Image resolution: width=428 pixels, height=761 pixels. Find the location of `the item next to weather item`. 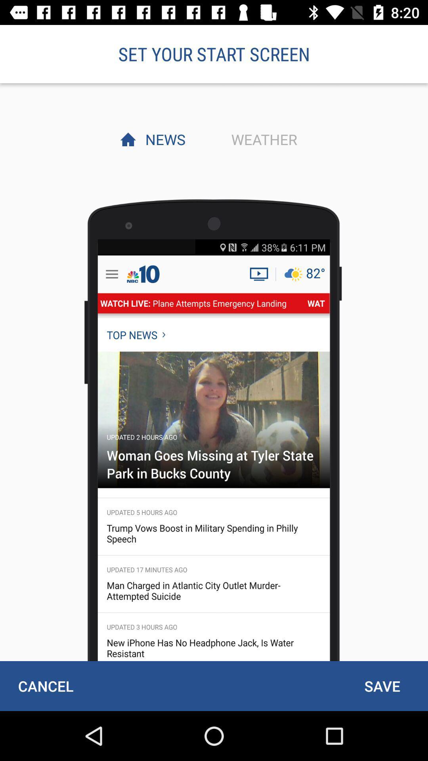

the item next to weather item is located at coordinates (163, 139).